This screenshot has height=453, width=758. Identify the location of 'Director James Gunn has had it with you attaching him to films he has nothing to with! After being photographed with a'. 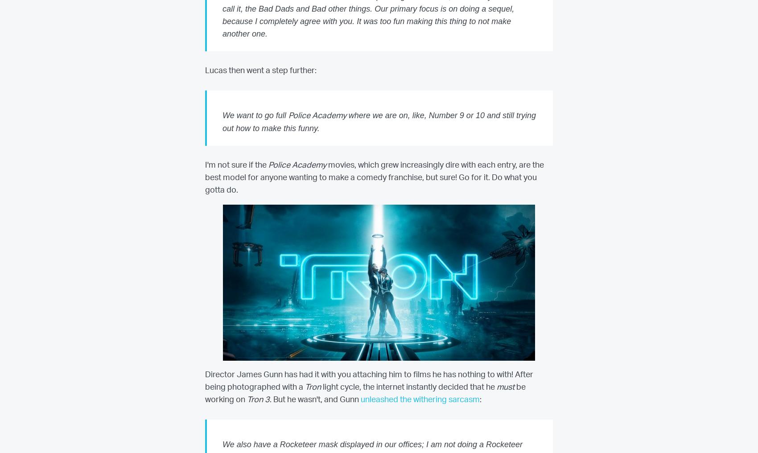
(369, 381).